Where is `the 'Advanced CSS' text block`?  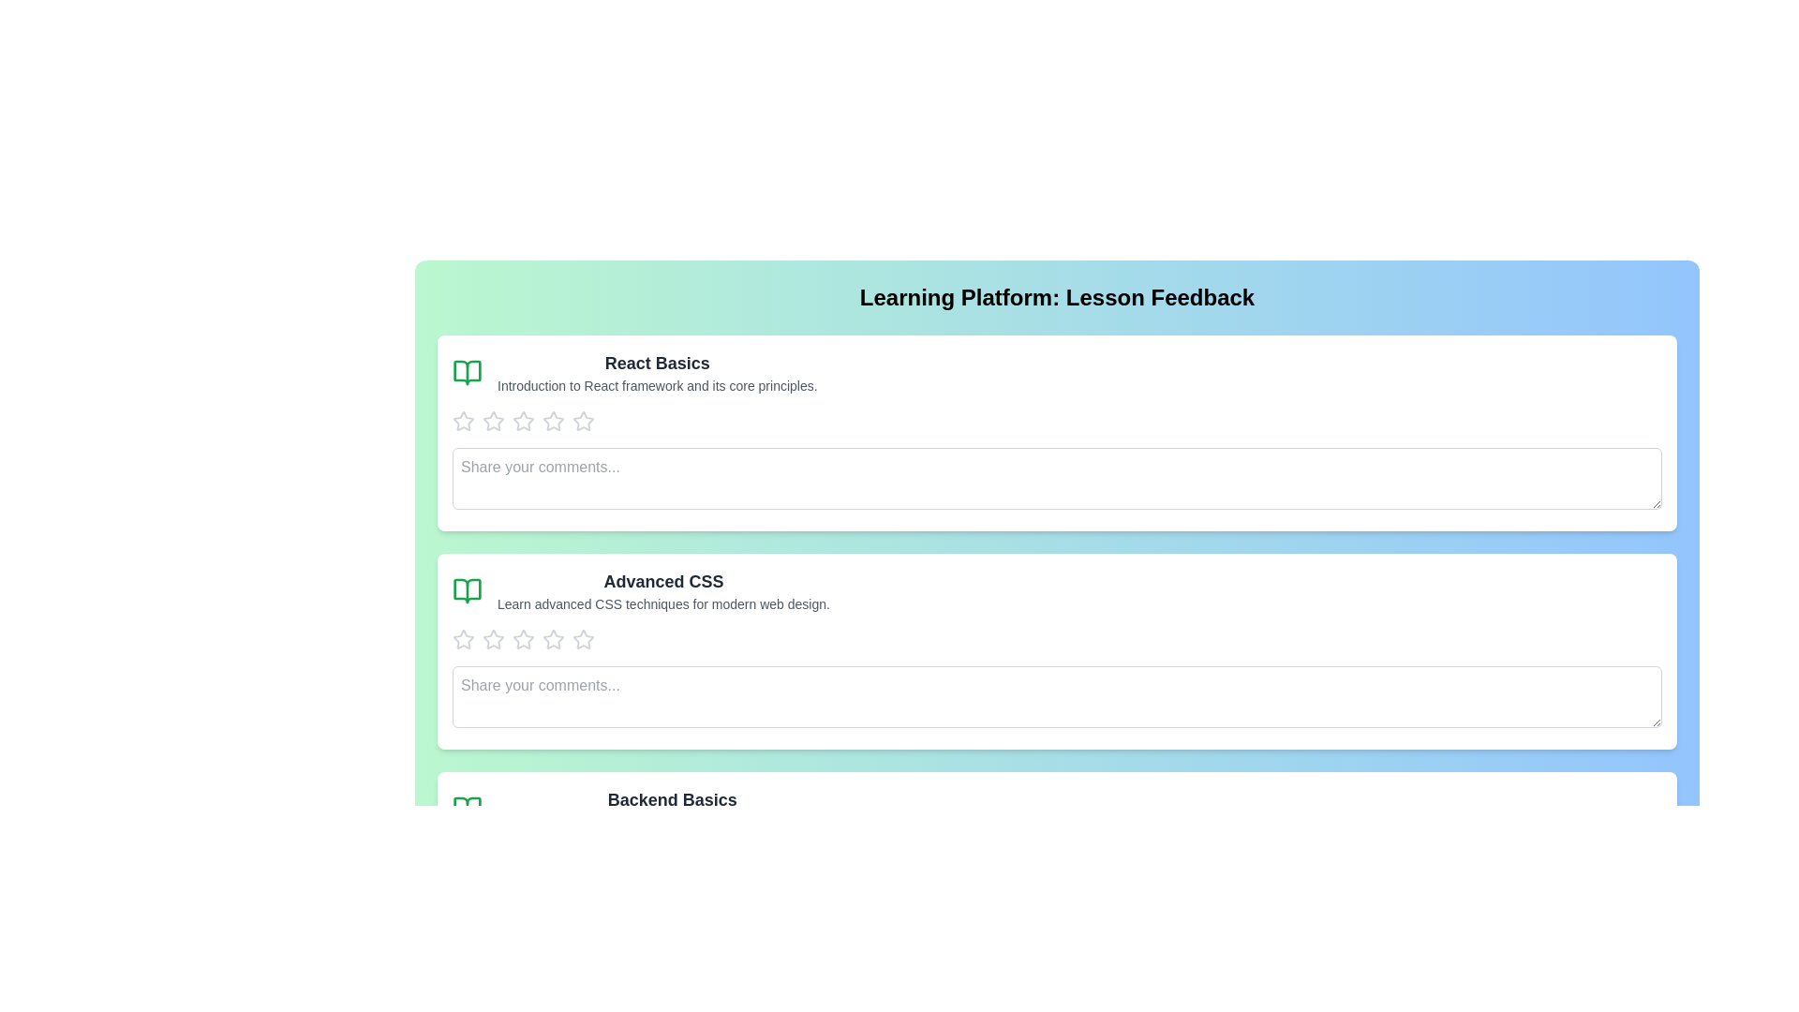
the 'Advanced CSS' text block is located at coordinates (663, 591).